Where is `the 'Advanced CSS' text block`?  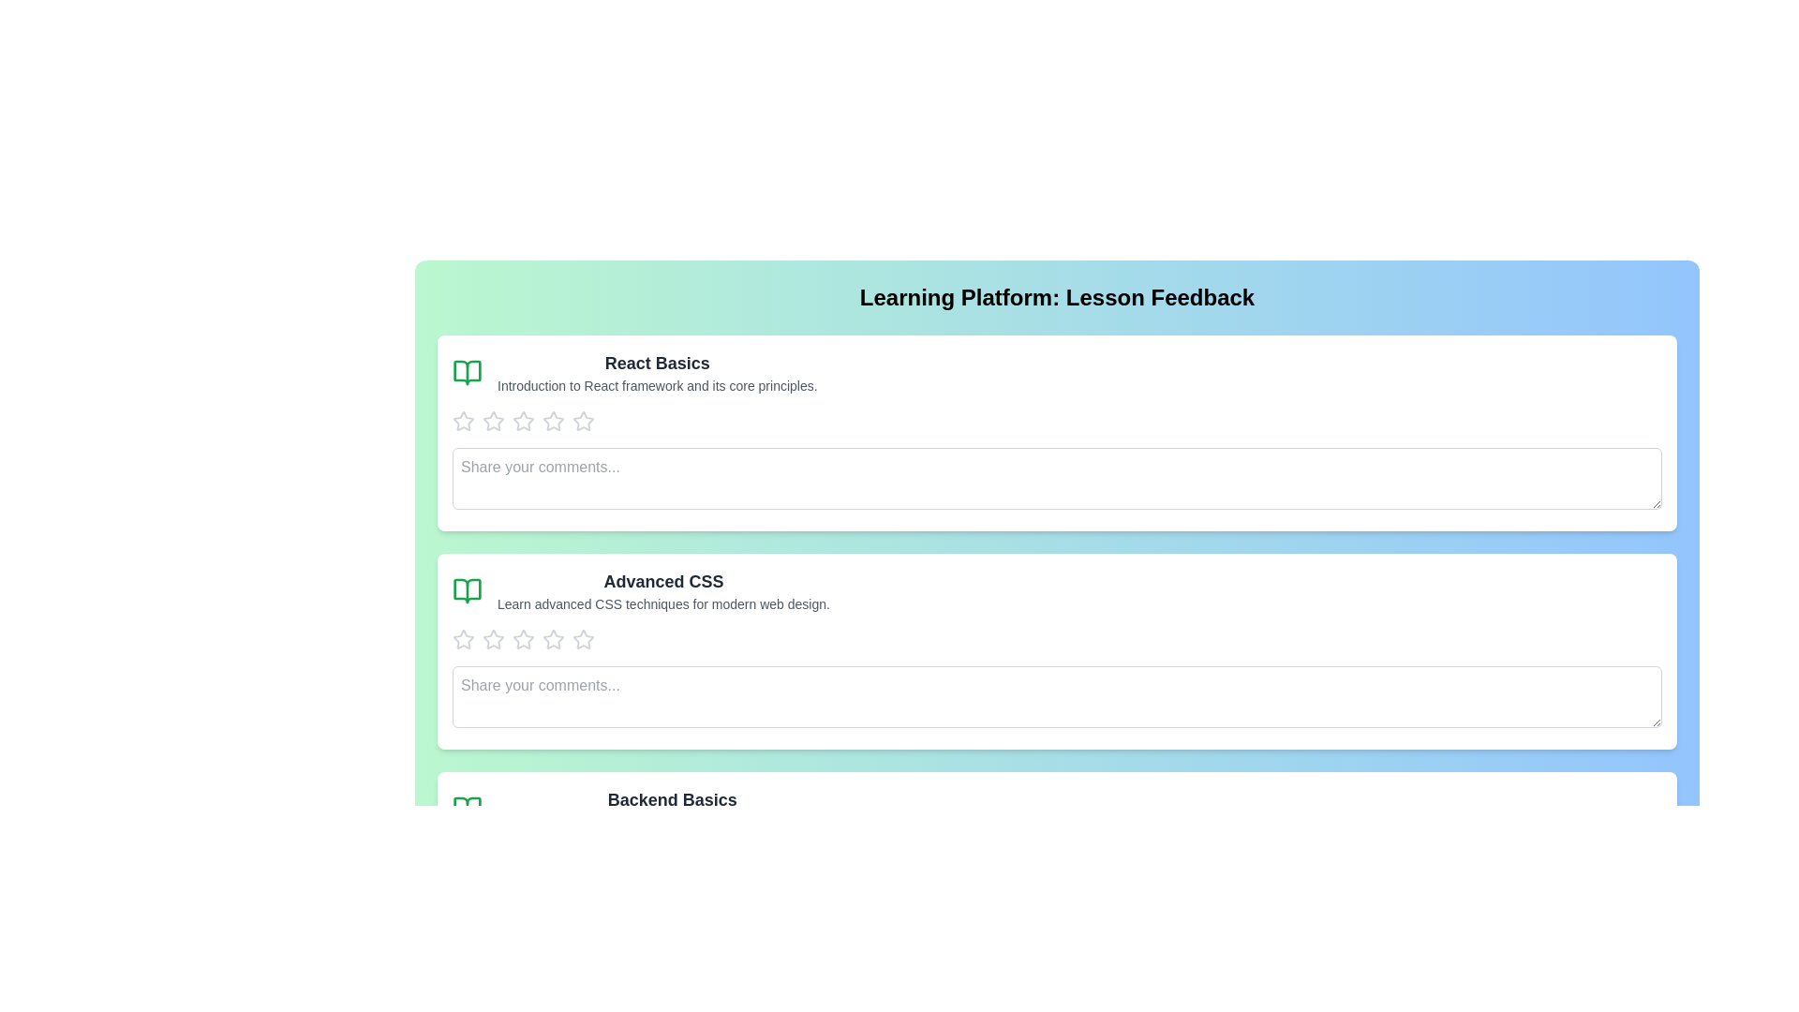
the 'Advanced CSS' text block is located at coordinates (663, 591).